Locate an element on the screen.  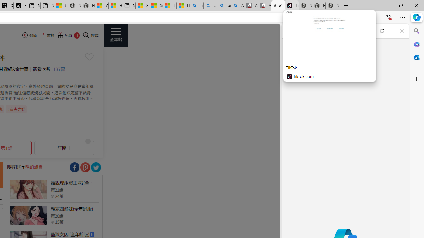
'Nordace Siena Pro 15 Backpack' is located at coordinates (319, 6).